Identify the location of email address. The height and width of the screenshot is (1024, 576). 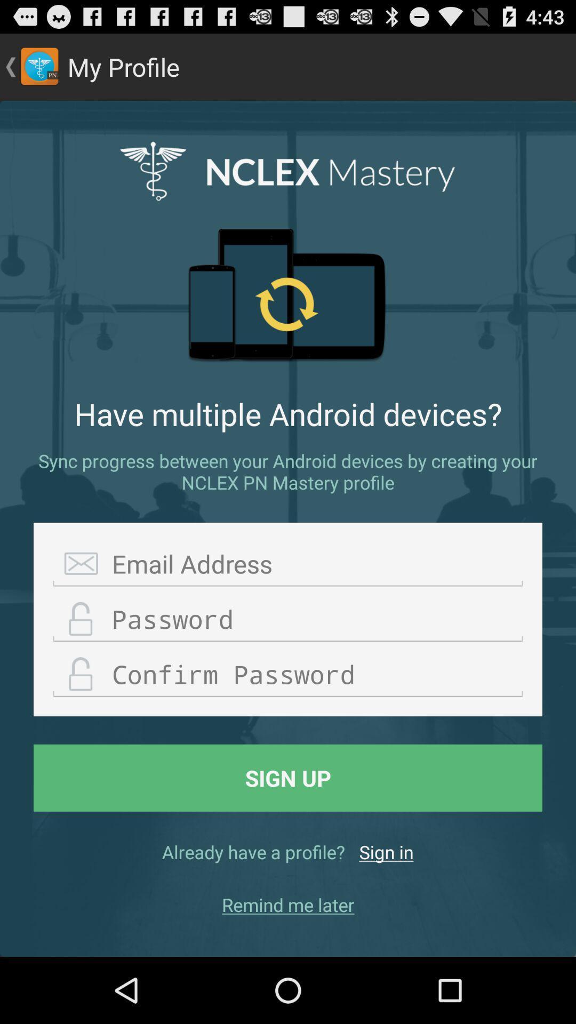
(288, 564).